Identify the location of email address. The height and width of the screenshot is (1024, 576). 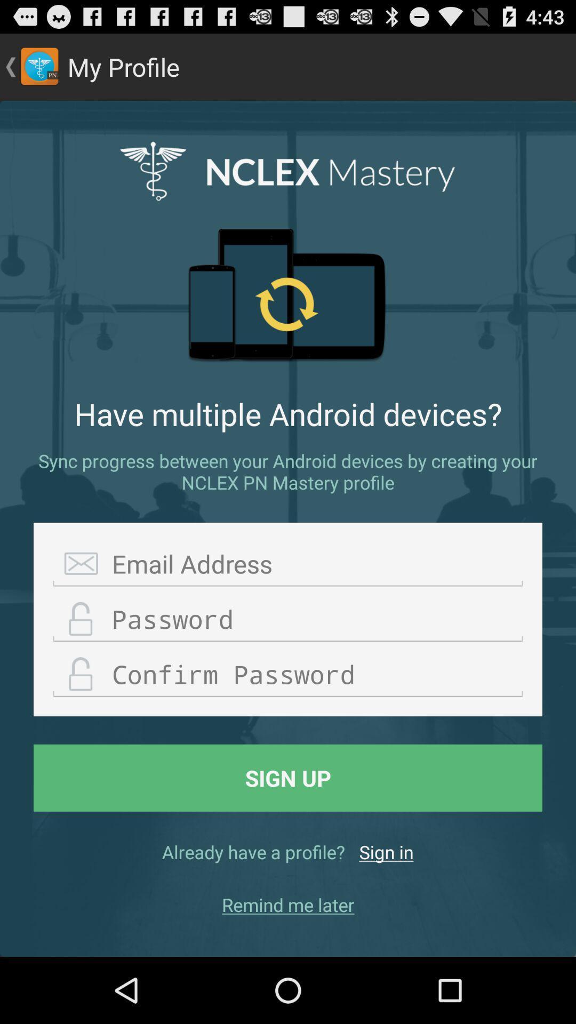
(288, 564).